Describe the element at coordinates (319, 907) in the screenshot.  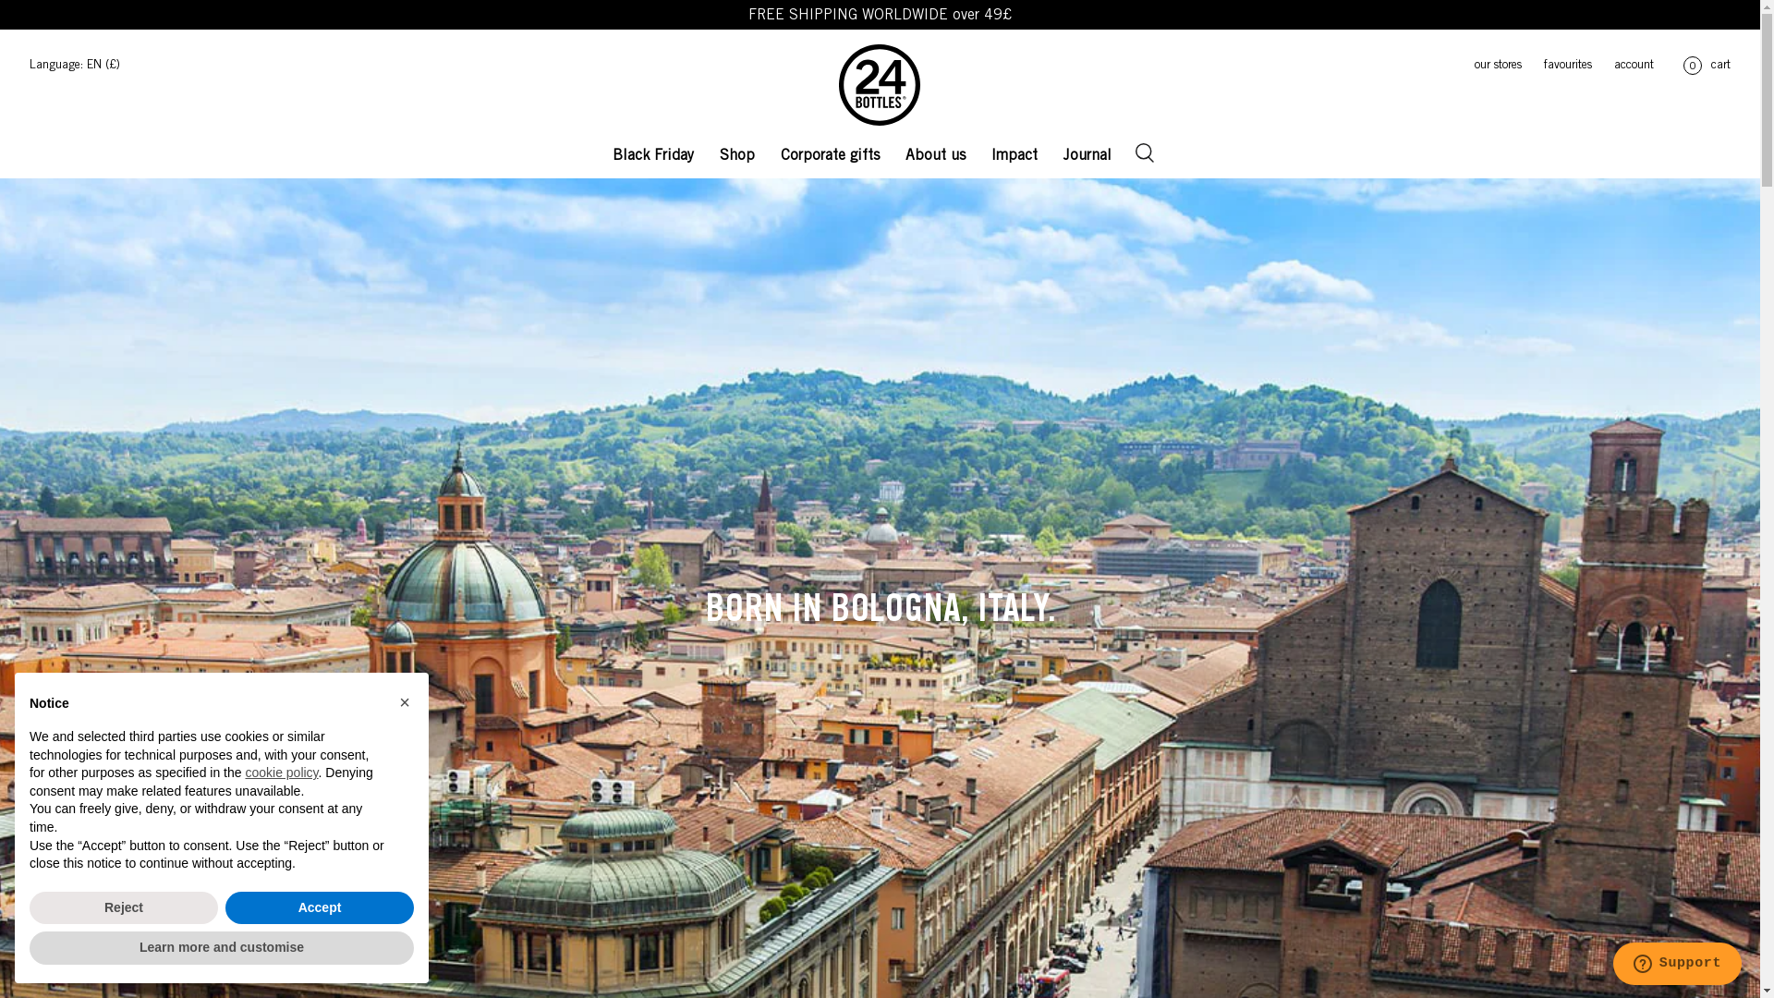
I see `'Accept'` at that location.